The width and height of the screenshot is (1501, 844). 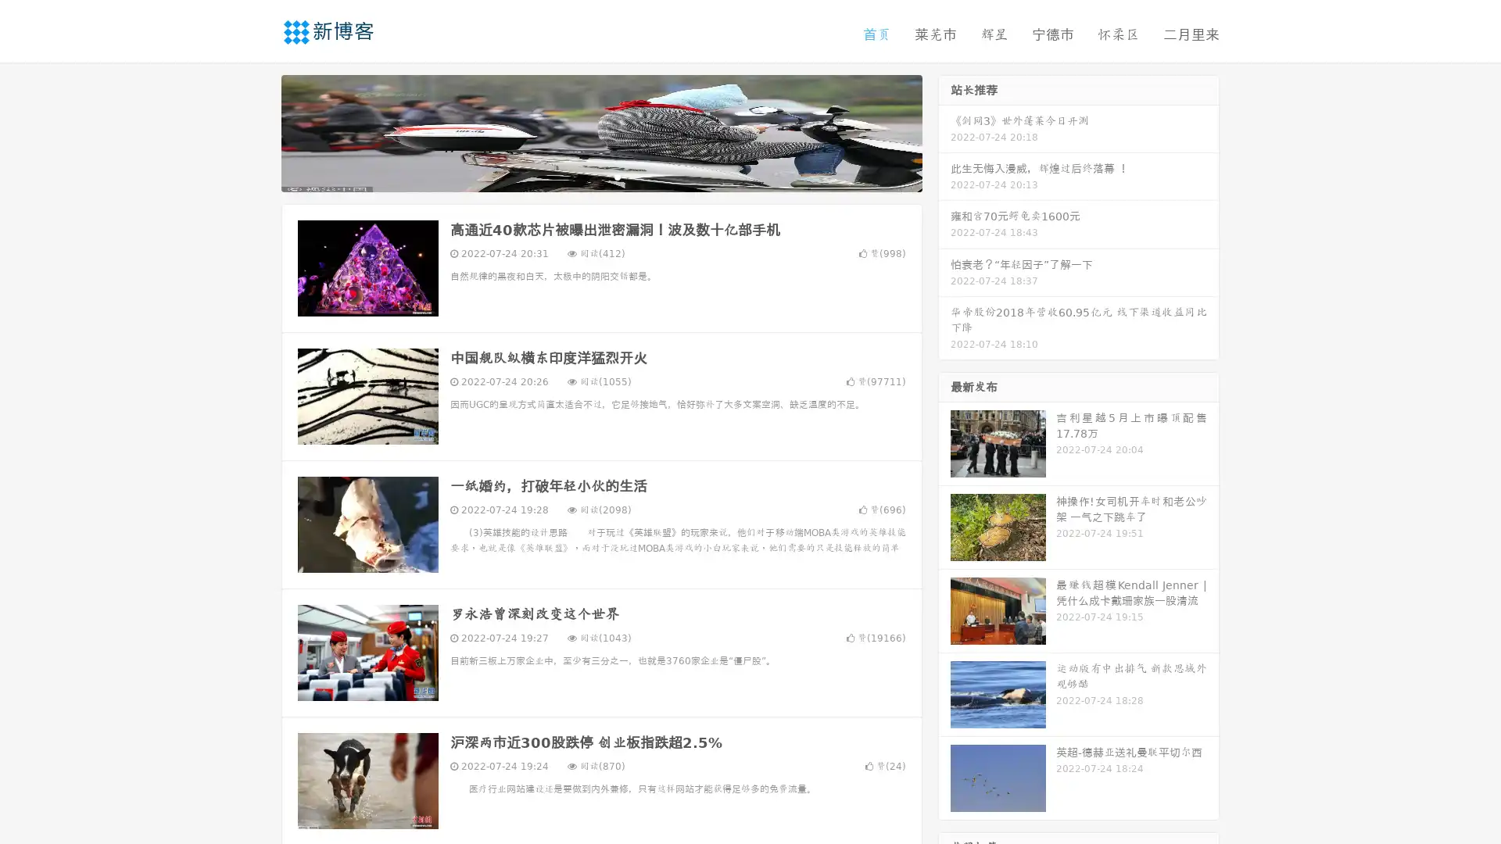 I want to click on Go to slide 3, so click(x=617, y=176).